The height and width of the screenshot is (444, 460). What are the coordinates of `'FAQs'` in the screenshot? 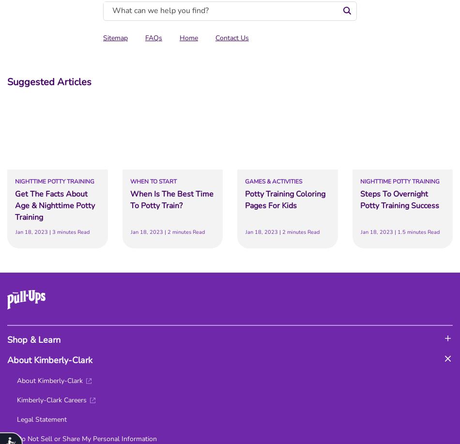 It's located at (144, 37).